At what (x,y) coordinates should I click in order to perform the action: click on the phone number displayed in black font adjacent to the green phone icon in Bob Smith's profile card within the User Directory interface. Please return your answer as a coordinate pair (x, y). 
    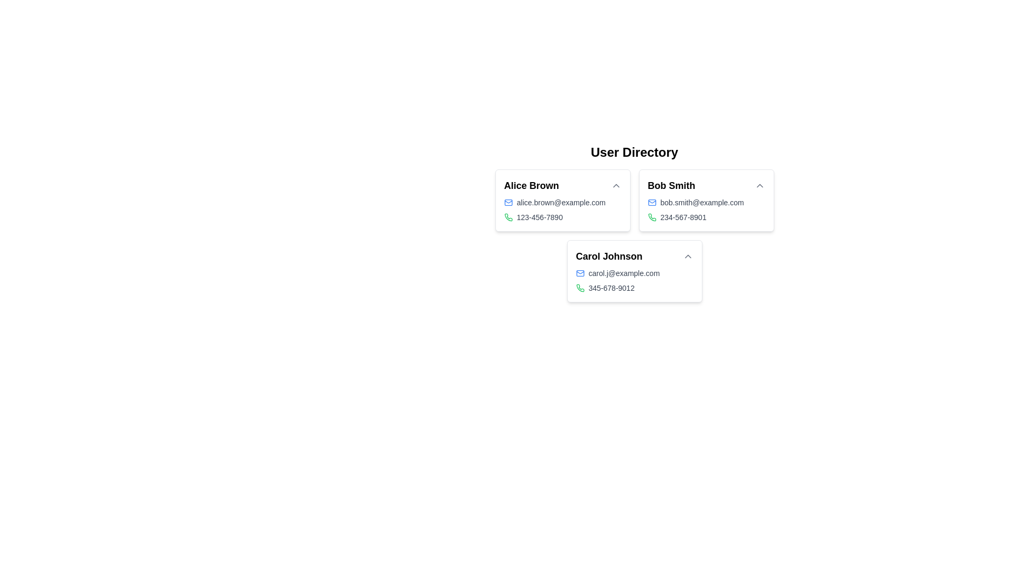
    Looking at the image, I should click on (683, 217).